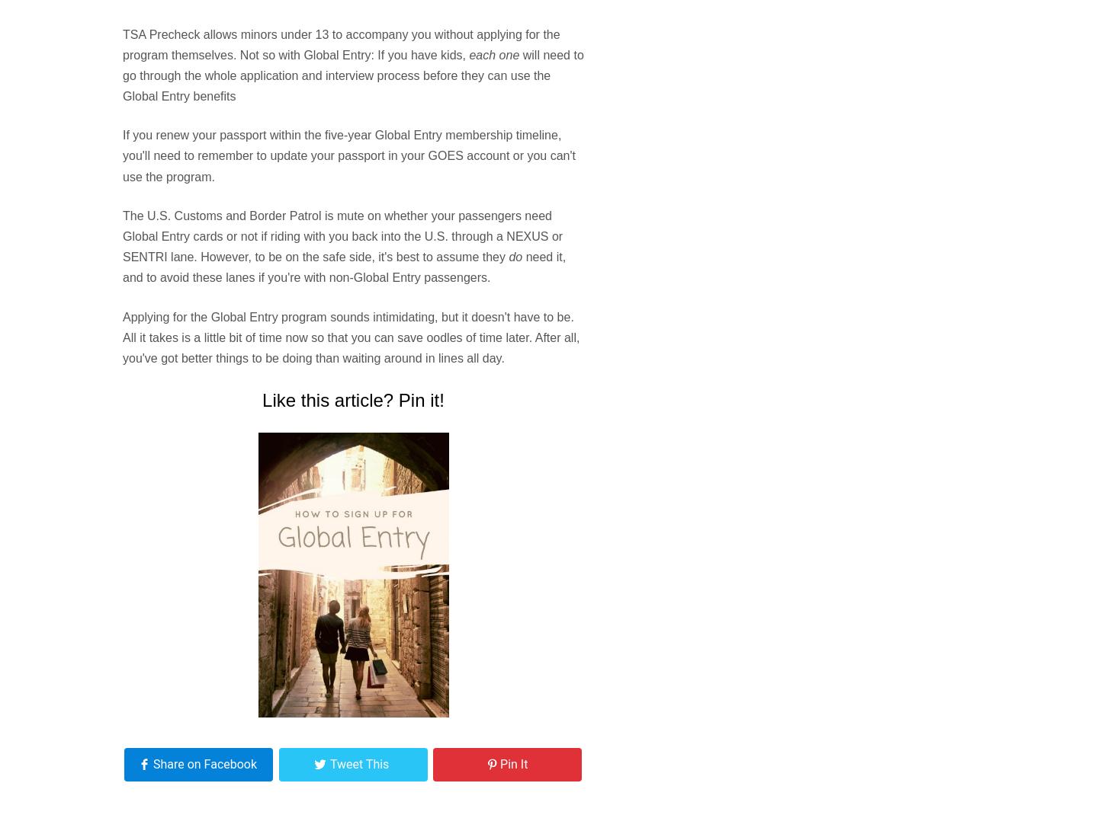 This screenshot has height=815, width=1098. What do you see at coordinates (341, 43) in the screenshot?
I see `'TSA Precheck allows minors under 13 to accompany you without applying for the program themselves. Not so with Global Entry: If you have kids,'` at bounding box center [341, 43].